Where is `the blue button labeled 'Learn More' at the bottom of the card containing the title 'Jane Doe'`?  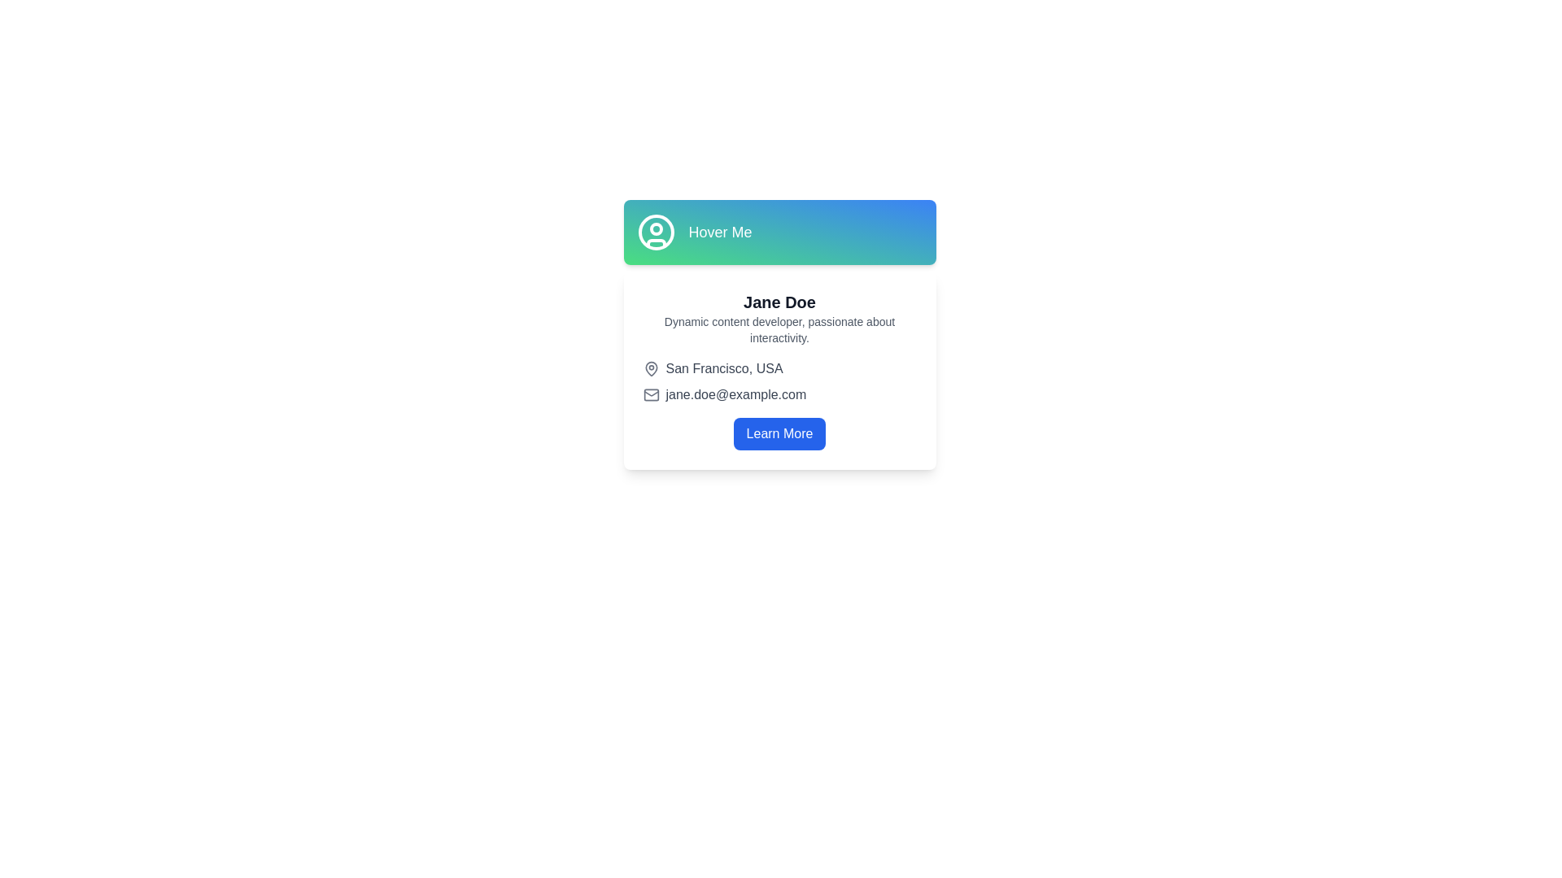 the blue button labeled 'Learn More' at the bottom of the card containing the title 'Jane Doe' is located at coordinates (779, 432).